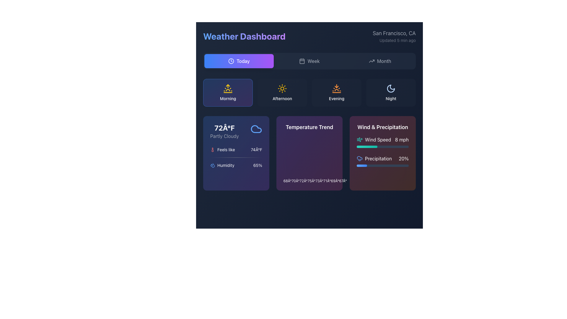  What do you see at coordinates (391, 147) in the screenshot?
I see `precipitation level` at bounding box center [391, 147].